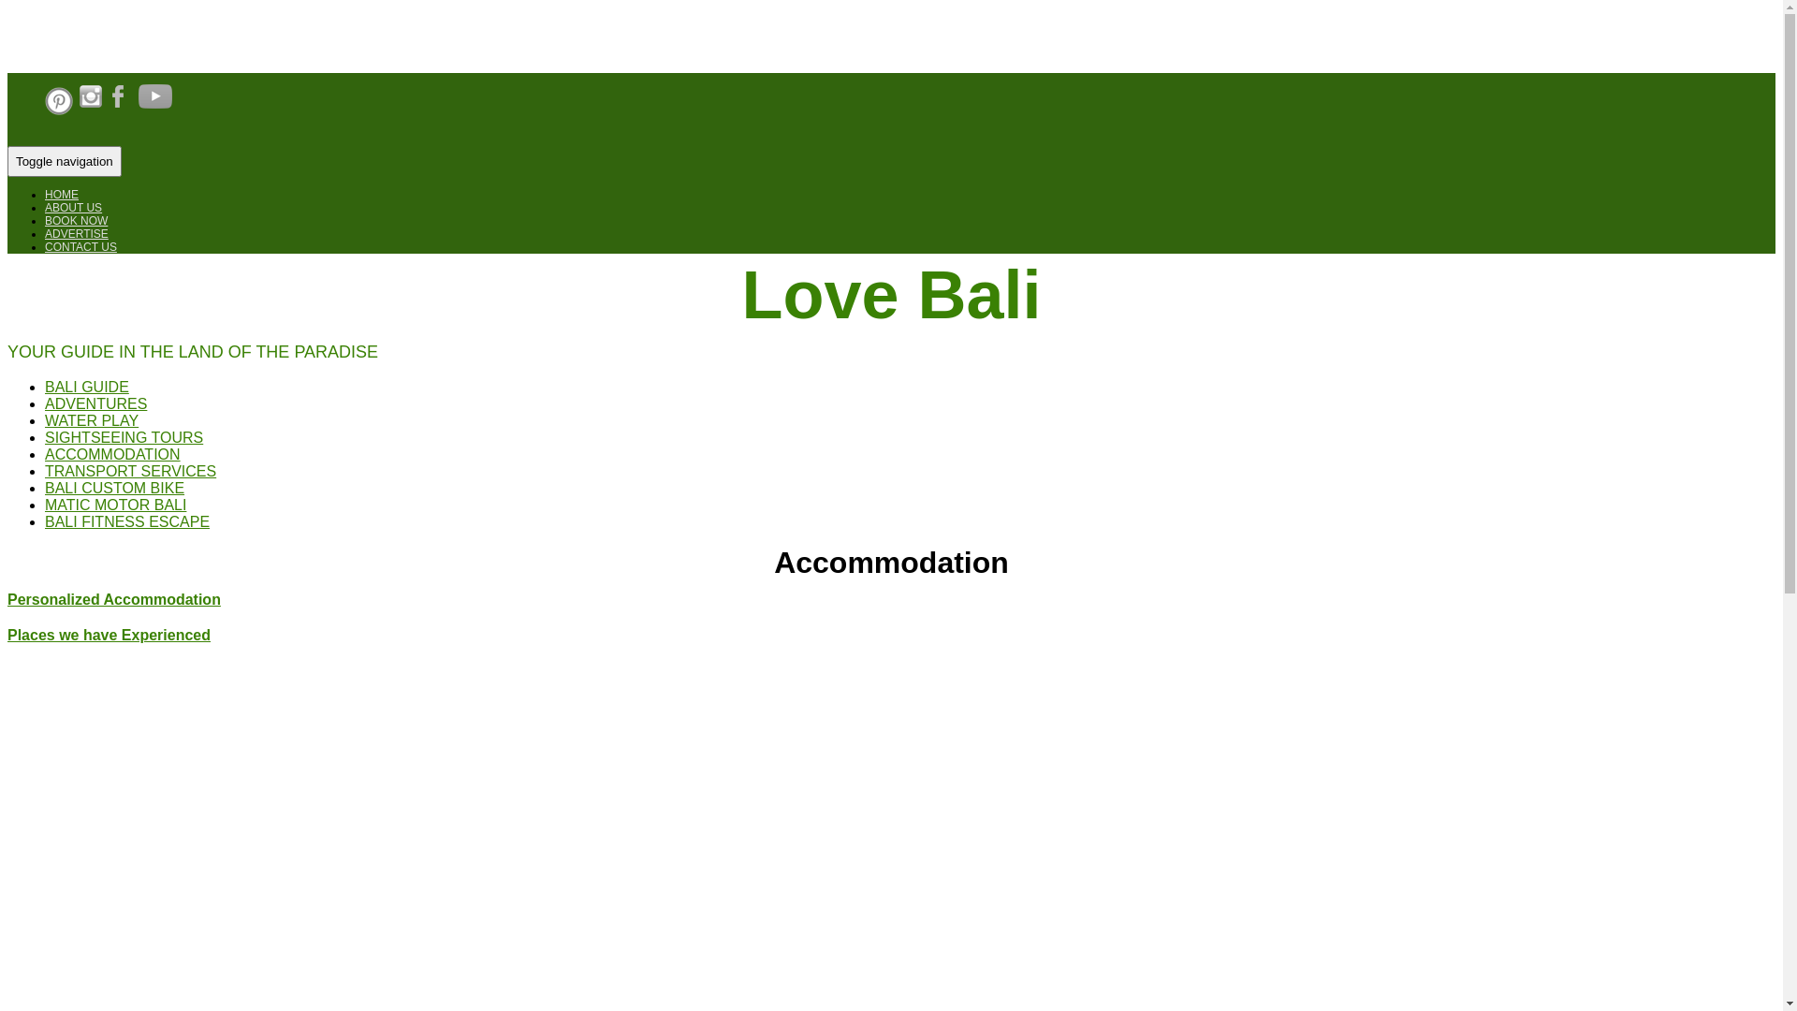 The width and height of the screenshot is (1797, 1011). I want to click on 'BALI FITNESS ESCAPE', so click(45, 521).